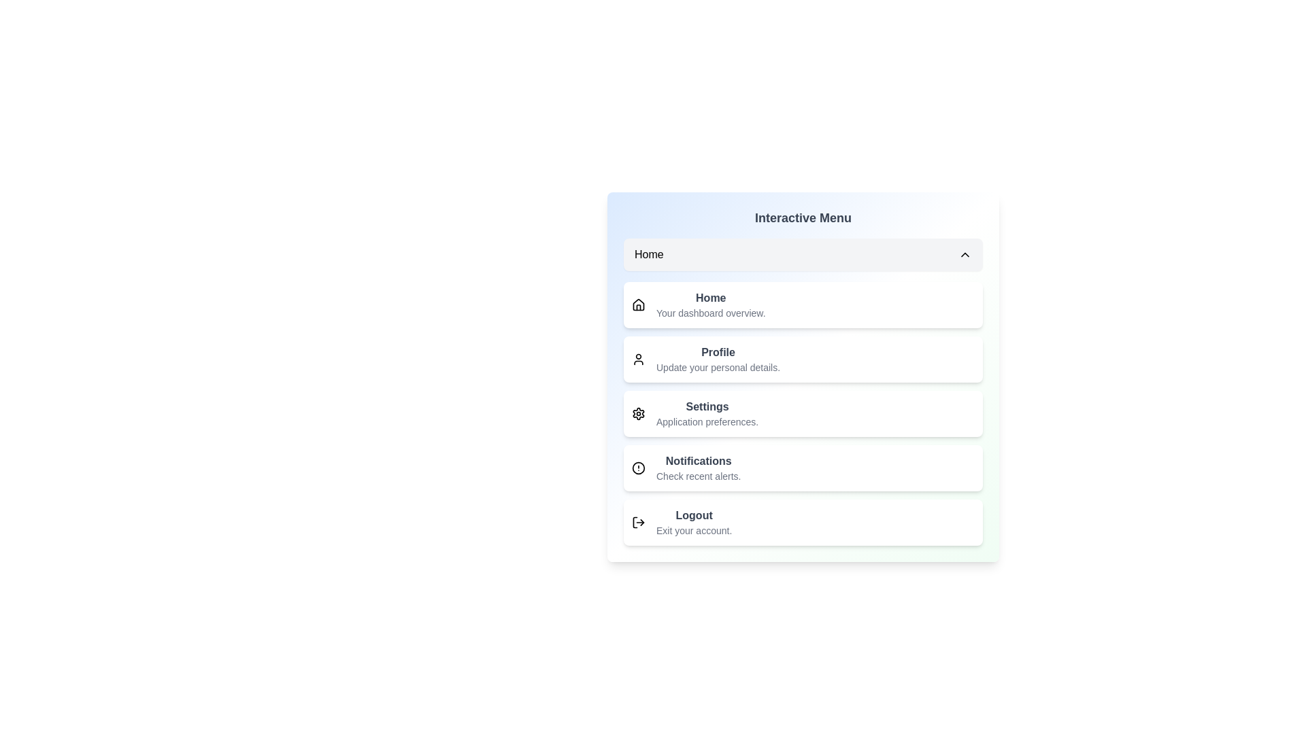 The height and width of the screenshot is (734, 1306). What do you see at coordinates (803, 358) in the screenshot?
I see `the menu item corresponding to Profile` at bounding box center [803, 358].